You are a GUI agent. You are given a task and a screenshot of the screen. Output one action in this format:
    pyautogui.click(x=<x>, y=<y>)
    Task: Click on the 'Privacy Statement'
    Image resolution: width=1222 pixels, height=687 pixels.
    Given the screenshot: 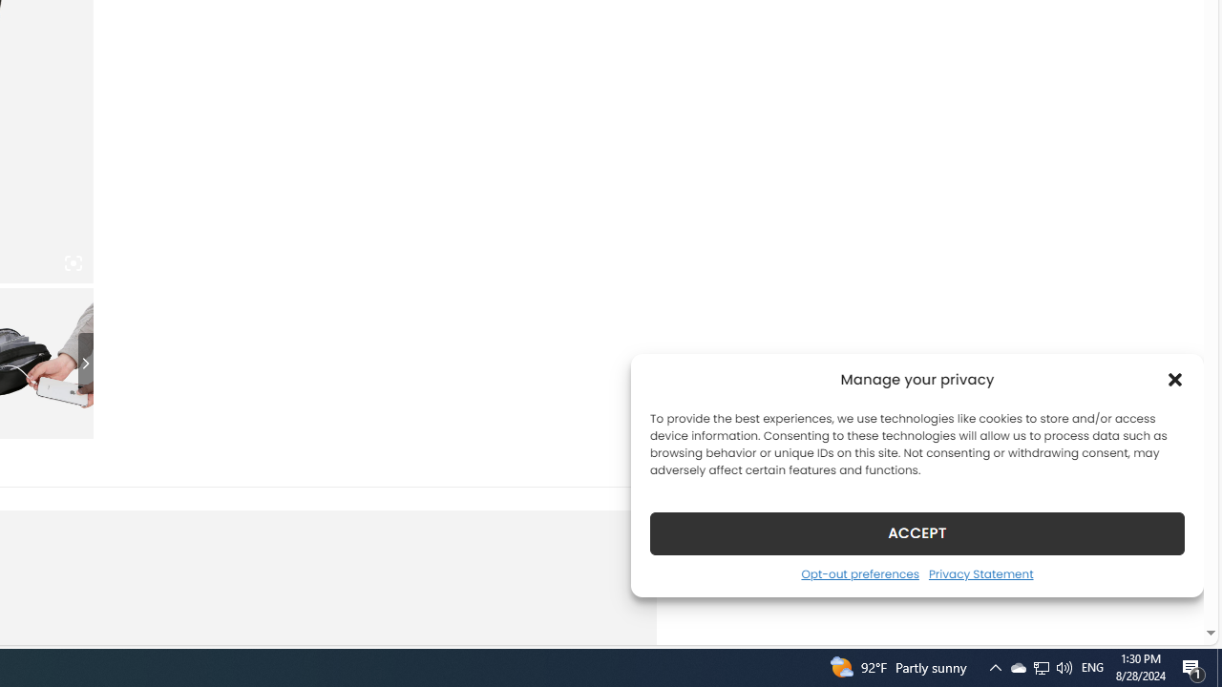 What is the action you would take?
    pyautogui.click(x=980, y=572)
    